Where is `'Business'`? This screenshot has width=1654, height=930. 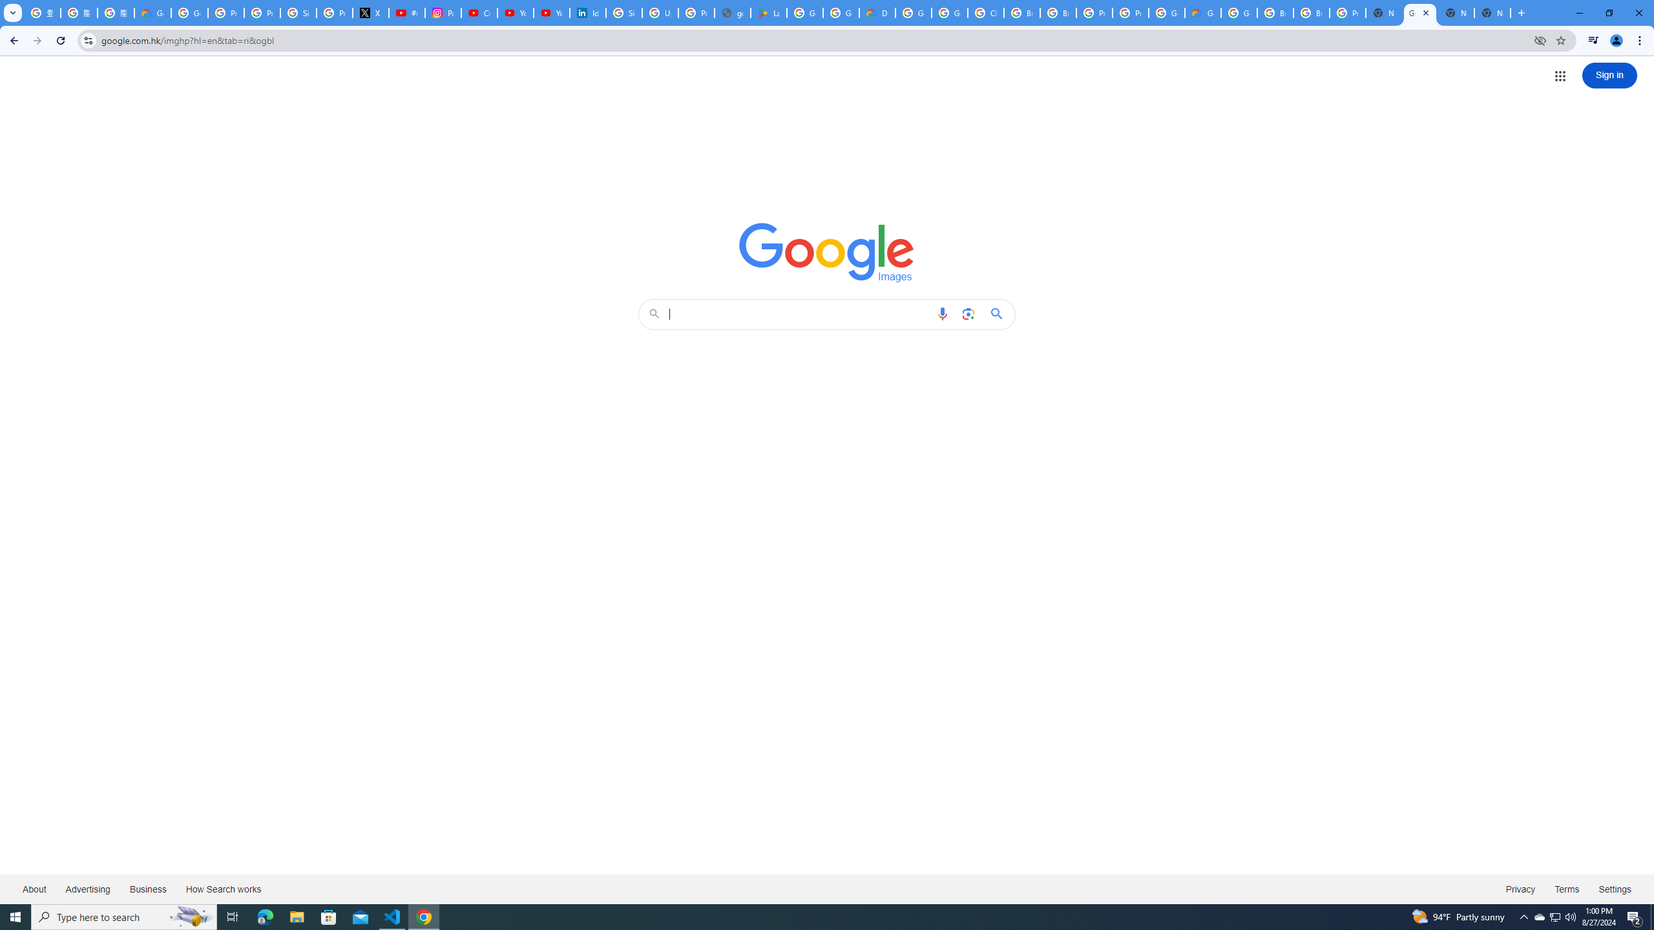
'Business' is located at coordinates (147, 888).